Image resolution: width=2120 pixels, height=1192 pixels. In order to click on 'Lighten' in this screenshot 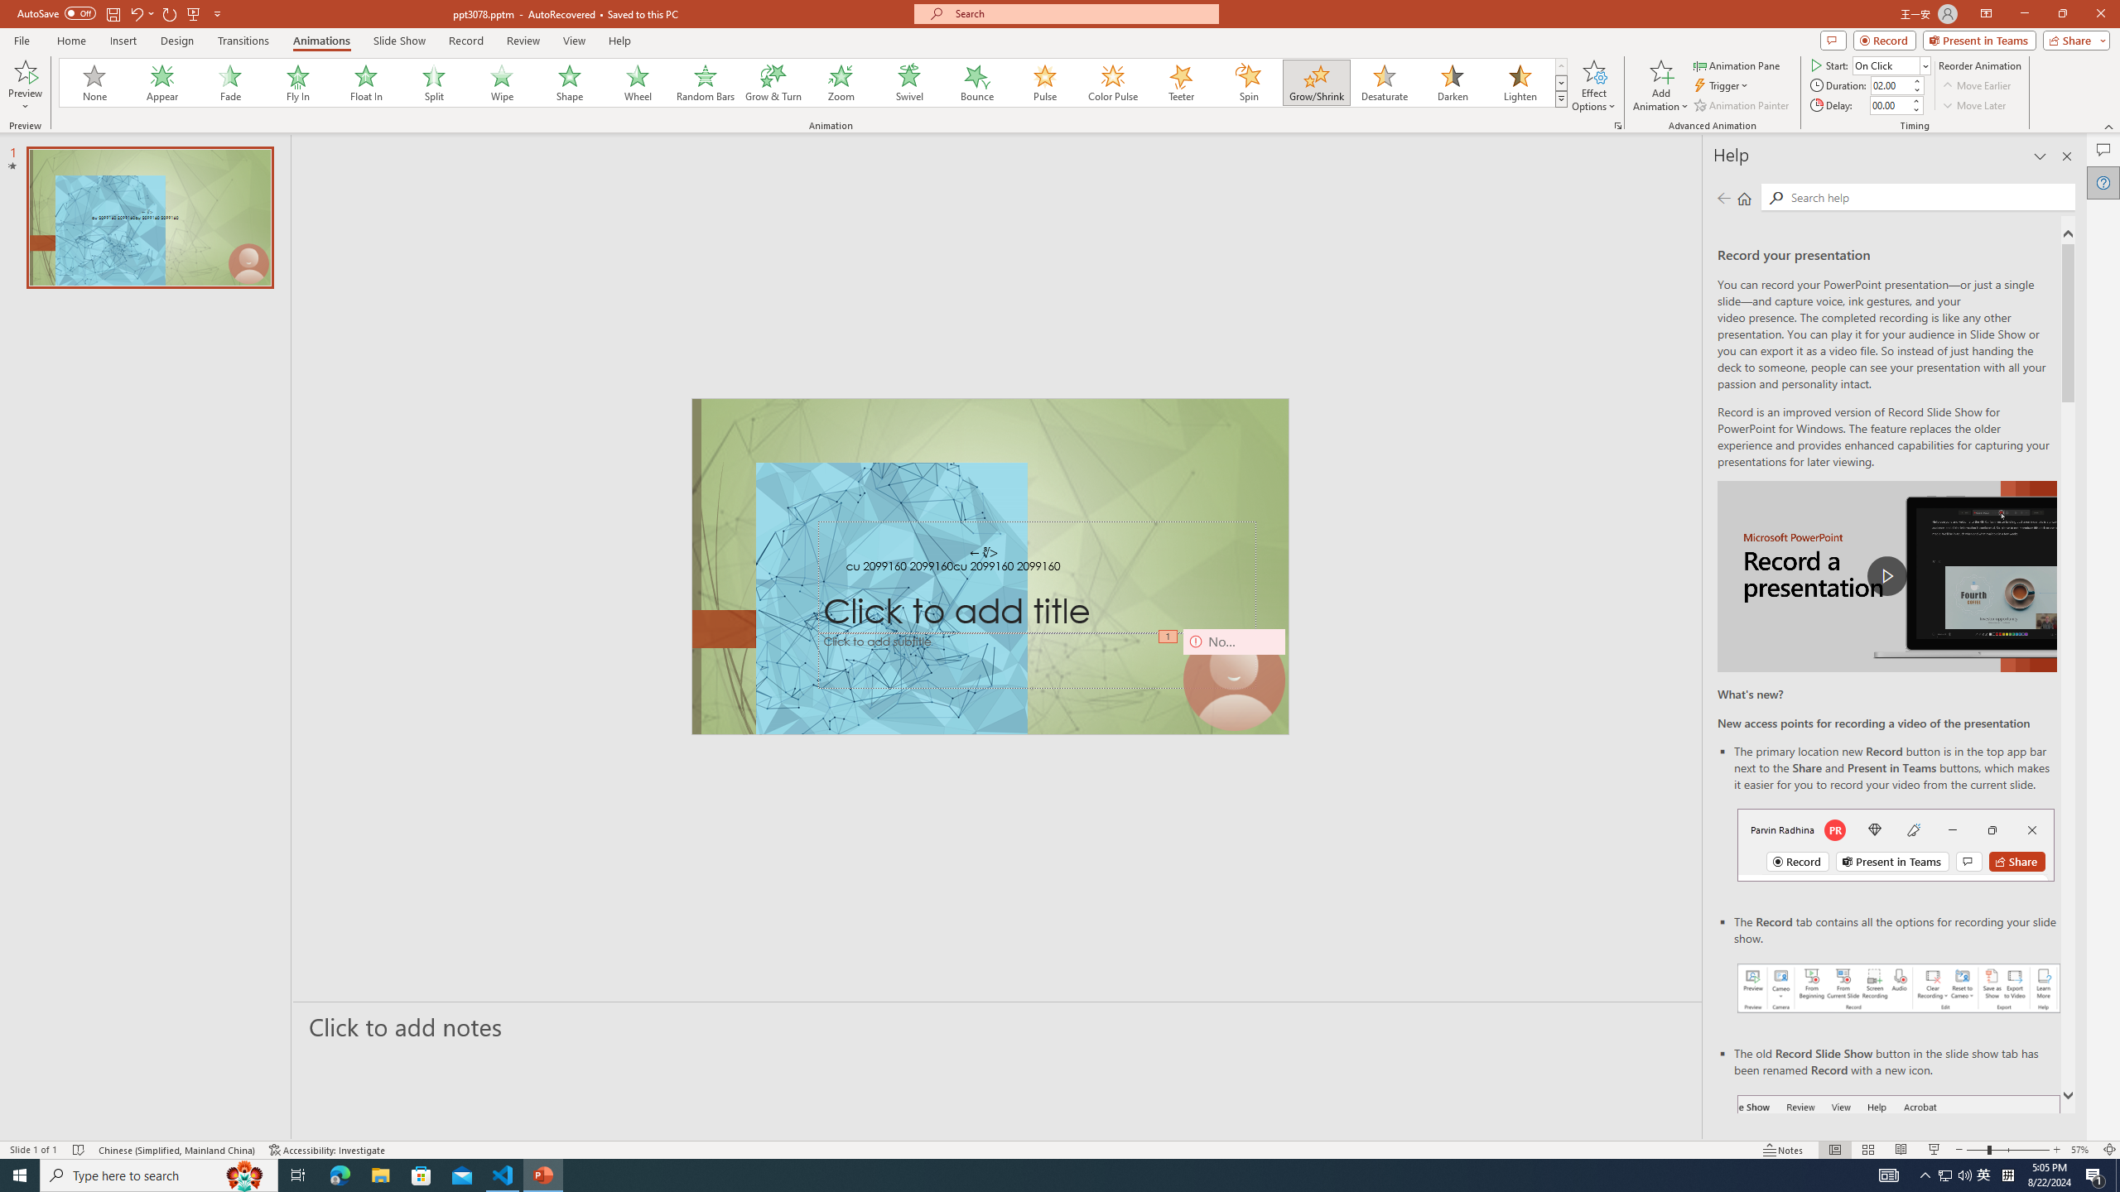, I will do `click(1519, 82)`.